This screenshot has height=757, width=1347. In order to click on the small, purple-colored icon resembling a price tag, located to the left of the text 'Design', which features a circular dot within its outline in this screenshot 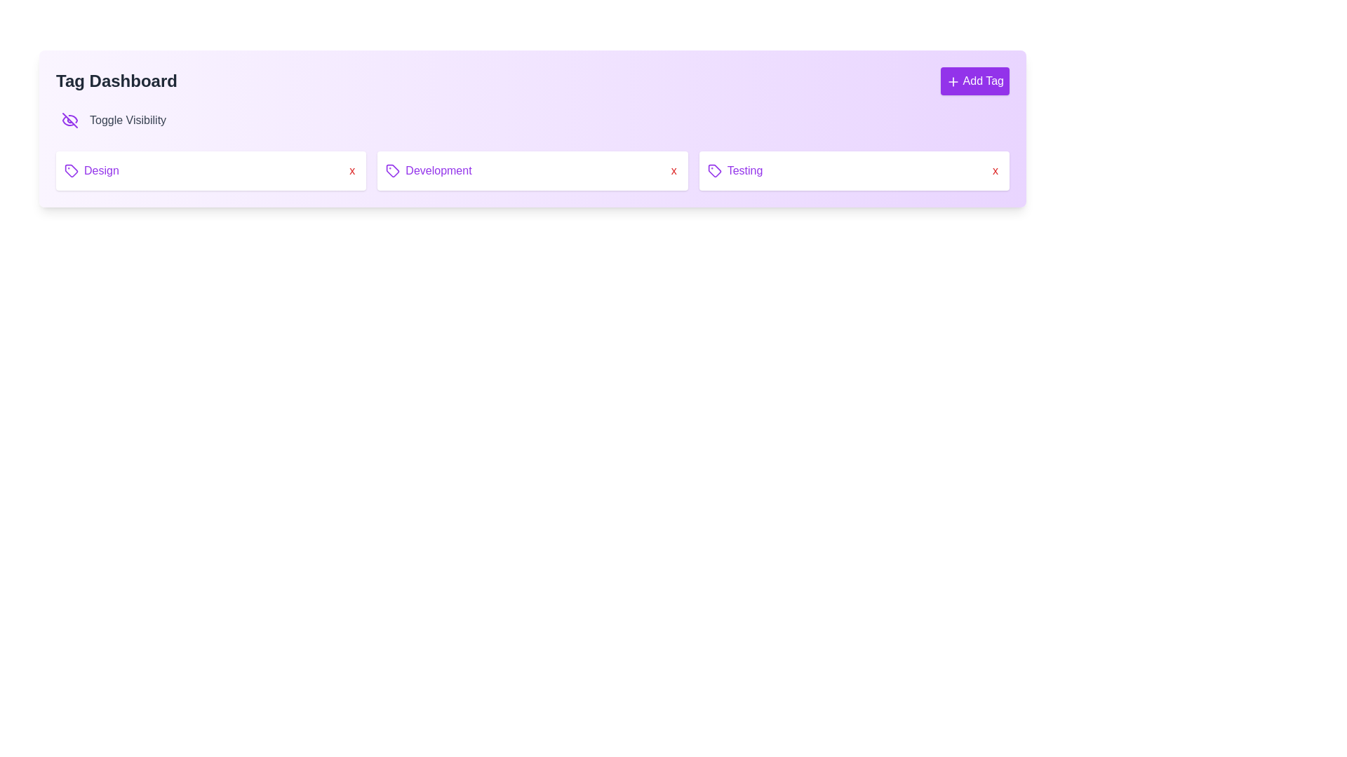, I will do `click(70, 170)`.